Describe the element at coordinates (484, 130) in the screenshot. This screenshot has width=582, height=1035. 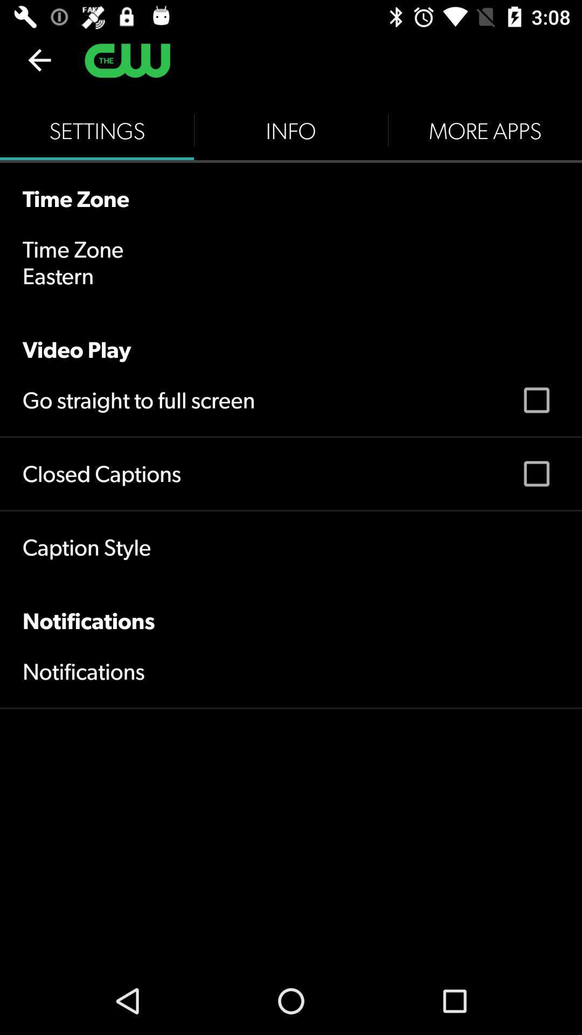
I see `the item at the top right corner` at that location.